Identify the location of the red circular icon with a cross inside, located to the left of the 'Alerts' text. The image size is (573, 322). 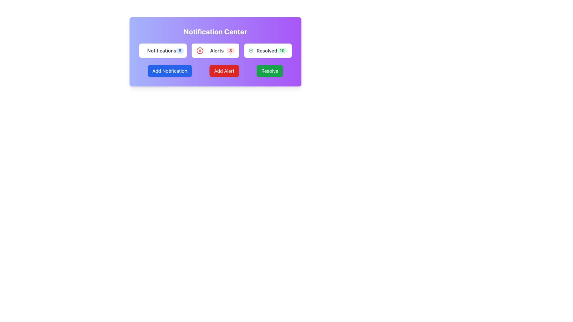
(200, 50).